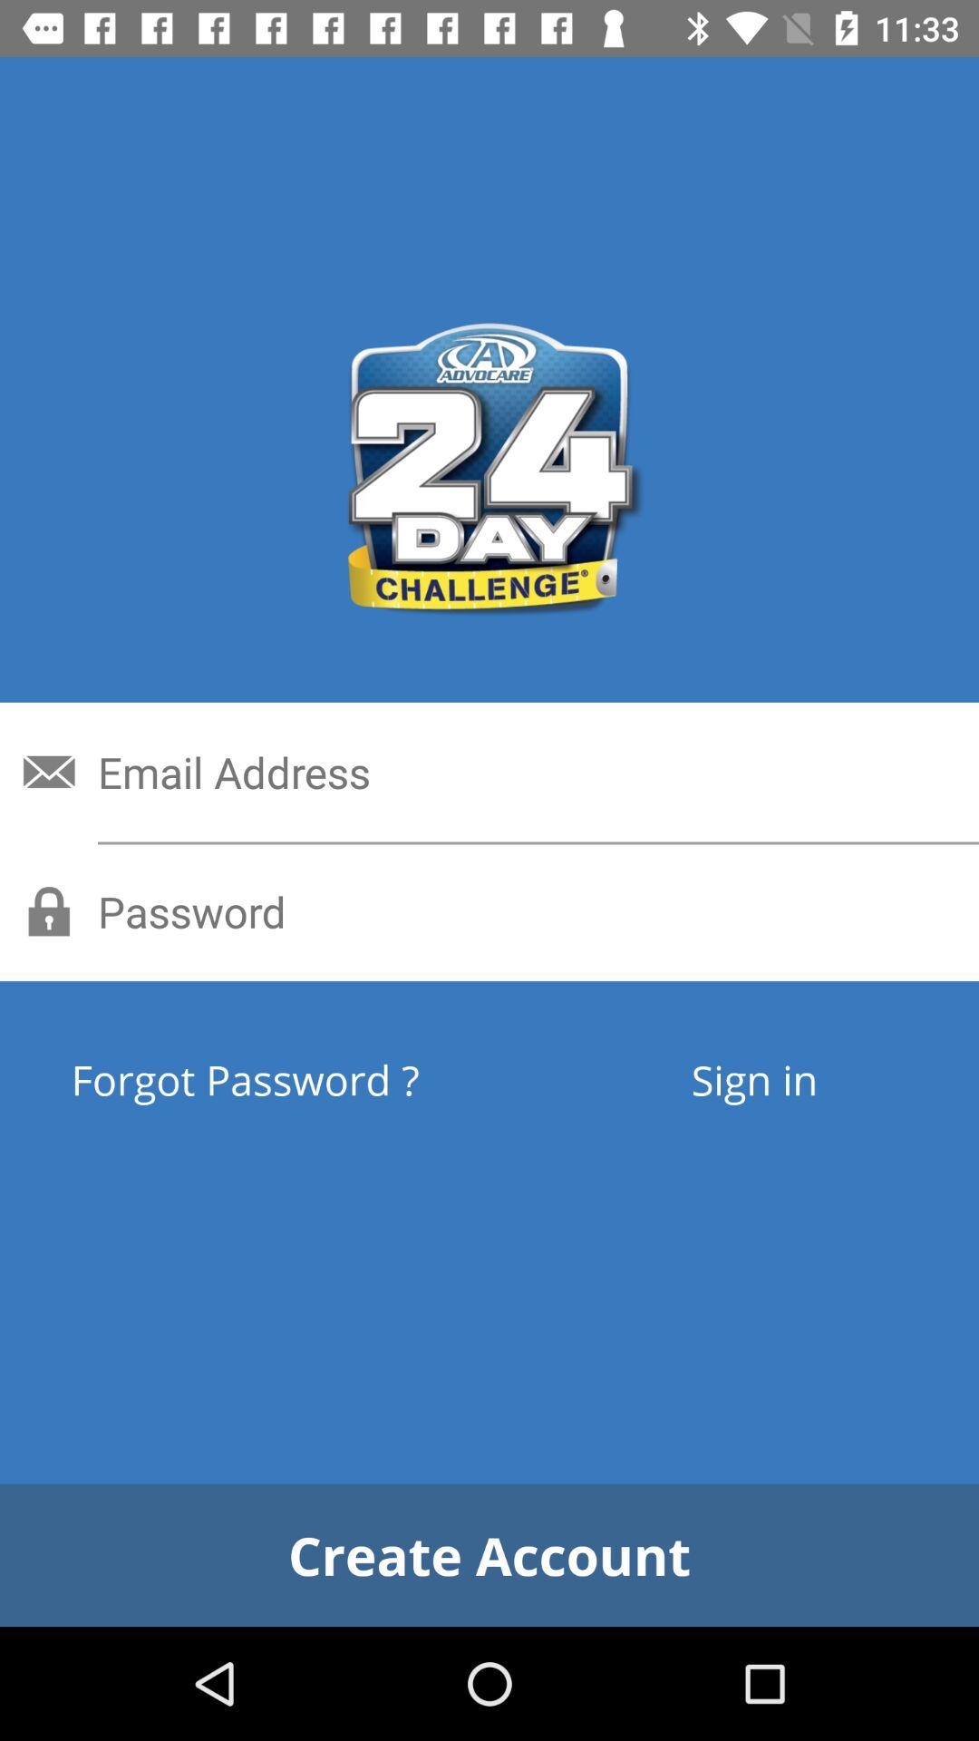 This screenshot has height=1741, width=979. What do you see at coordinates (754, 1079) in the screenshot?
I see `item to the right of the forgot password ? icon` at bounding box center [754, 1079].